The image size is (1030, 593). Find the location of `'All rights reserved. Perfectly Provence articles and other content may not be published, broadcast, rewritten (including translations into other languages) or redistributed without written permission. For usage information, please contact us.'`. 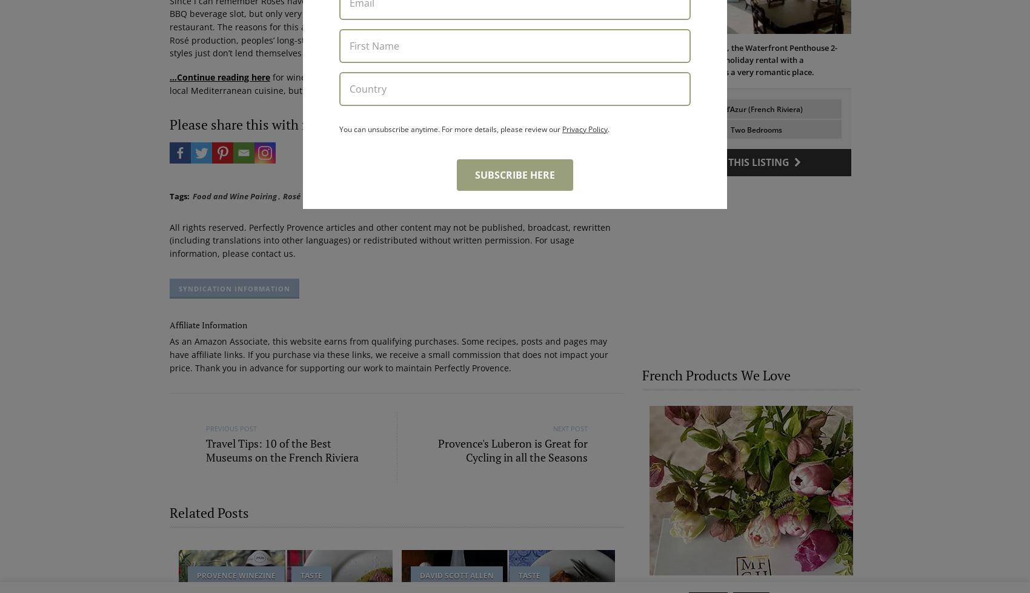

'All rights reserved. Perfectly Provence articles and other content may not be published, broadcast, rewritten (including translations into other languages) or redistributed without written permission. For usage information, please contact us.' is located at coordinates (390, 240).